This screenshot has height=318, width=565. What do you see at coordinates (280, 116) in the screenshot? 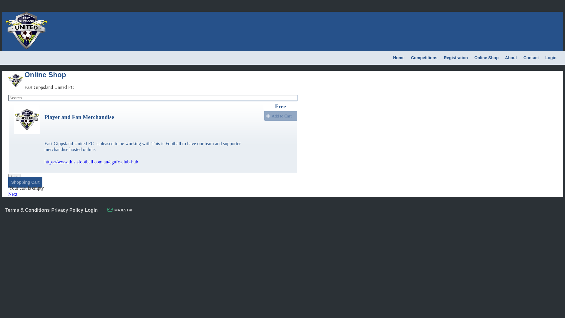
I see `'Add to Cart'` at bounding box center [280, 116].